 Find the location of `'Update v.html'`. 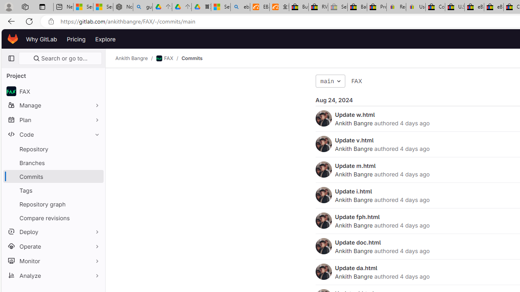

'Update v.html' is located at coordinates (354, 140).